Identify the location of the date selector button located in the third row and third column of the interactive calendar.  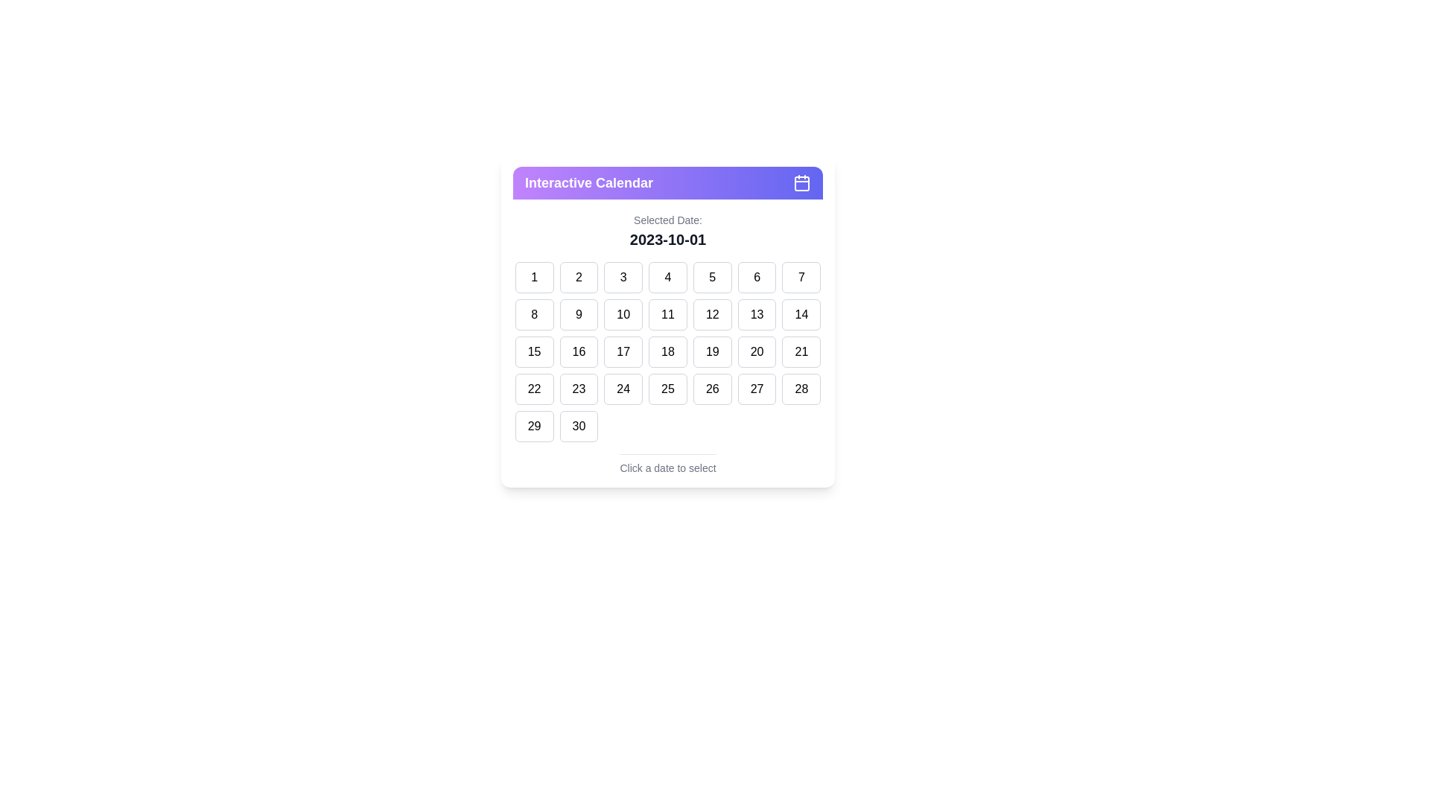
(623, 352).